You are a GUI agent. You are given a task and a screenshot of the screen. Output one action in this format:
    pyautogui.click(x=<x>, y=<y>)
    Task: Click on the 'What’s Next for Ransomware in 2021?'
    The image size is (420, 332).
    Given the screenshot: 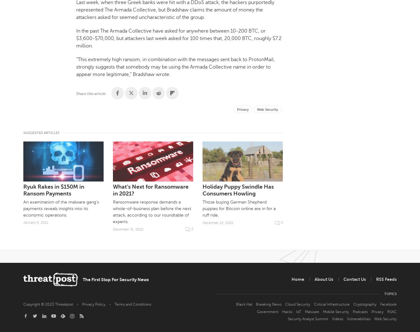 What is the action you would take?
    pyautogui.click(x=150, y=190)
    